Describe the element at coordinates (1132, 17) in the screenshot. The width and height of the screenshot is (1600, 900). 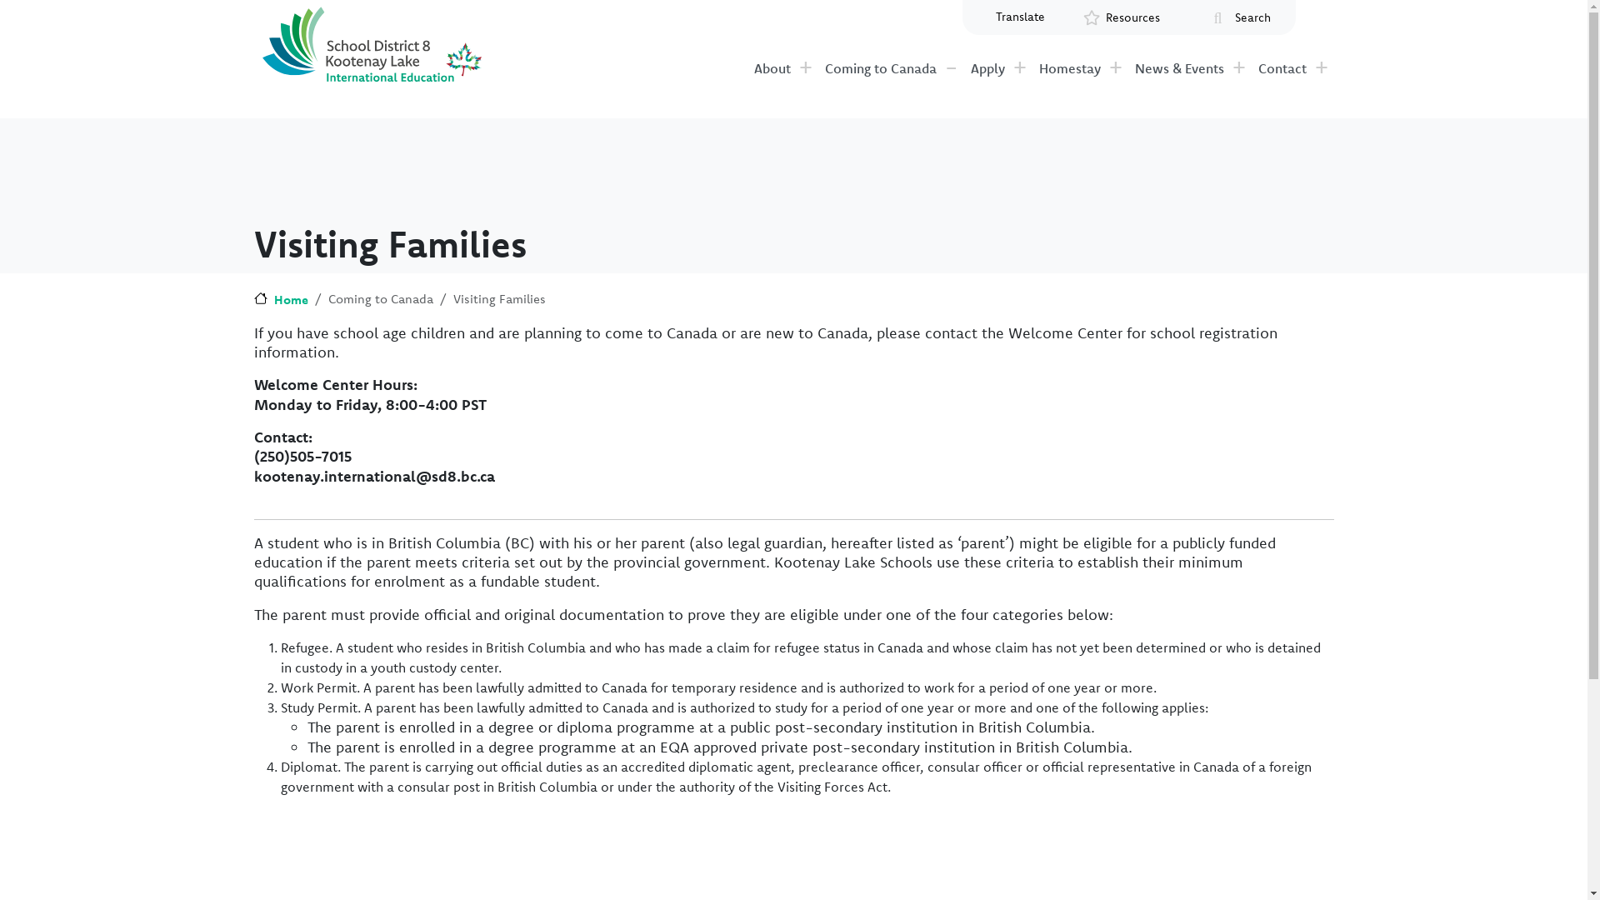
I see `'Resources'` at that location.